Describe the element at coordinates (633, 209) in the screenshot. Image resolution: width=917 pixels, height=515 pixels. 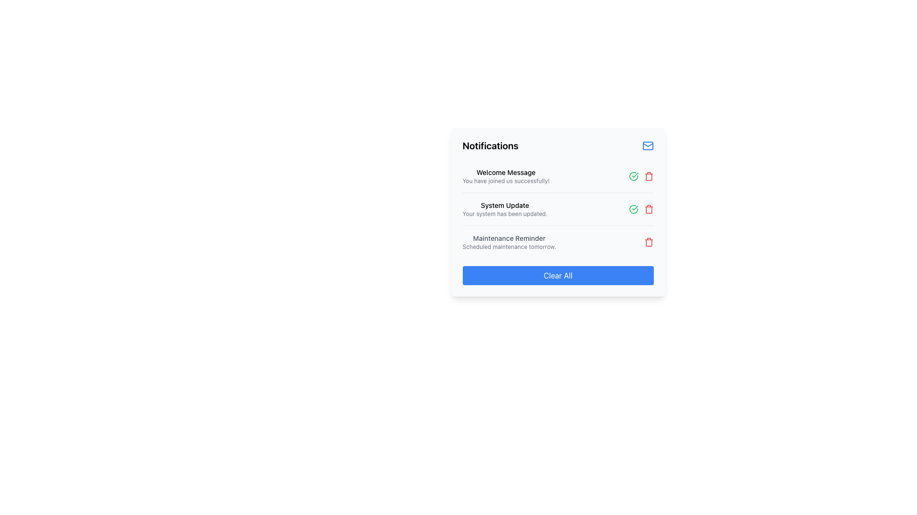
I see `the green circular icon with a checkmark in its center, which indicates a 'success' status, located near the 'System Update' text` at that location.